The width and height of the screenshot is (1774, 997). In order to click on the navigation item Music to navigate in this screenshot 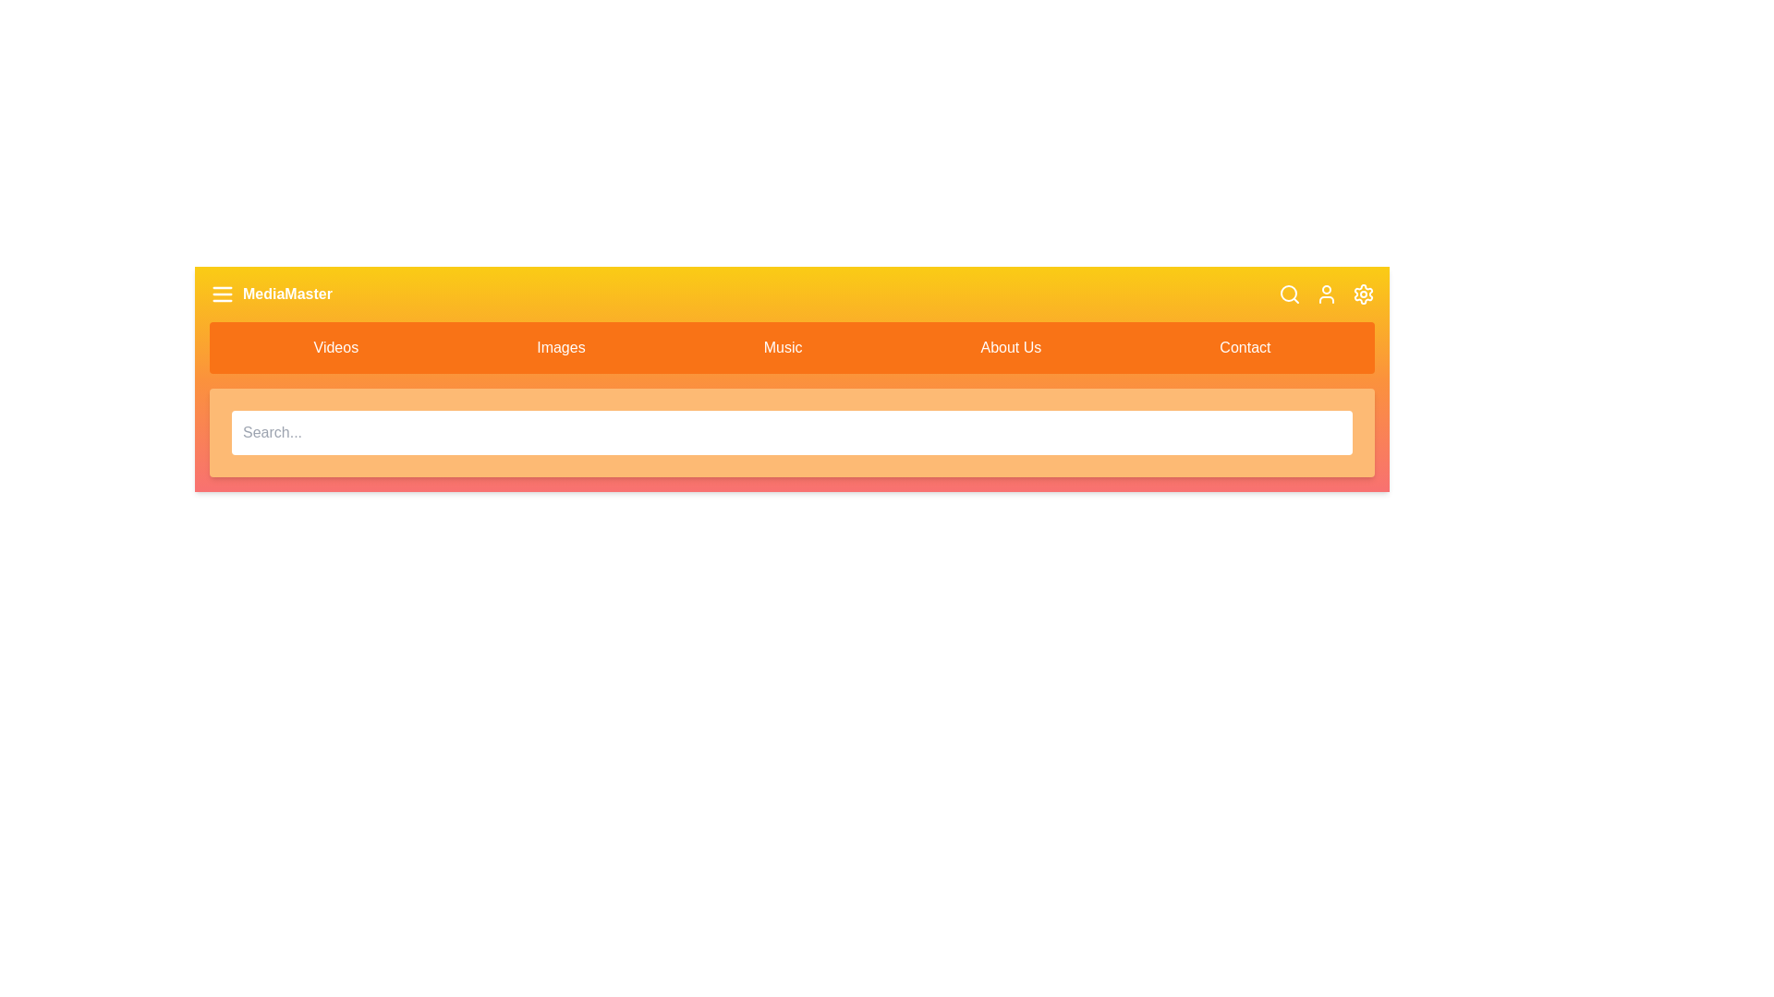, I will do `click(783, 348)`.